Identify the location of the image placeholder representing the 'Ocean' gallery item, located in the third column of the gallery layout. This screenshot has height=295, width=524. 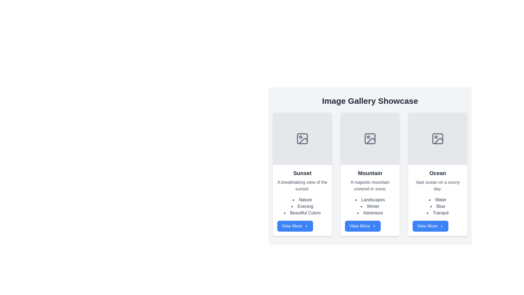
(437, 138).